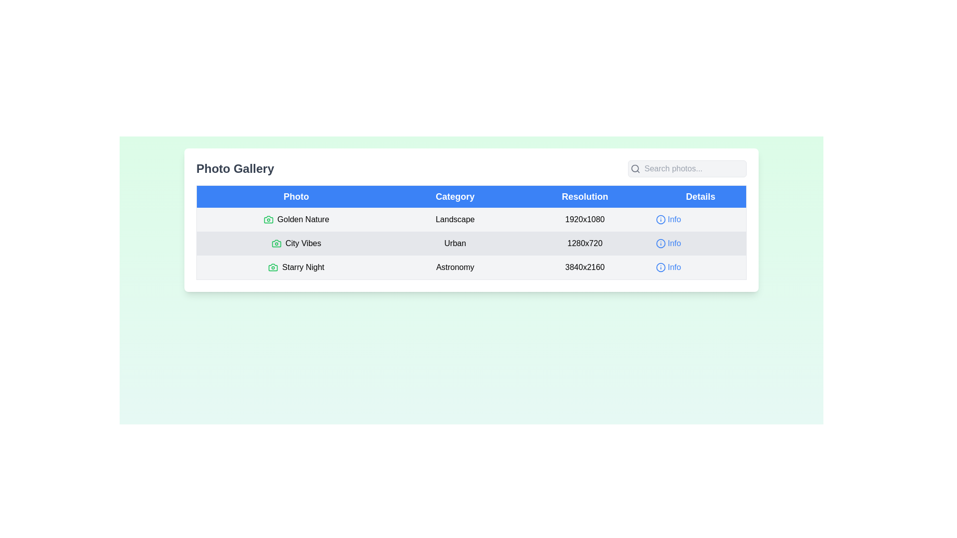  What do you see at coordinates (585, 196) in the screenshot?
I see `the 'Resolution' text label, which is displayed in white font on a blue background, located between the 'Category' and 'Details' headers in a table structure` at bounding box center [585, 196].